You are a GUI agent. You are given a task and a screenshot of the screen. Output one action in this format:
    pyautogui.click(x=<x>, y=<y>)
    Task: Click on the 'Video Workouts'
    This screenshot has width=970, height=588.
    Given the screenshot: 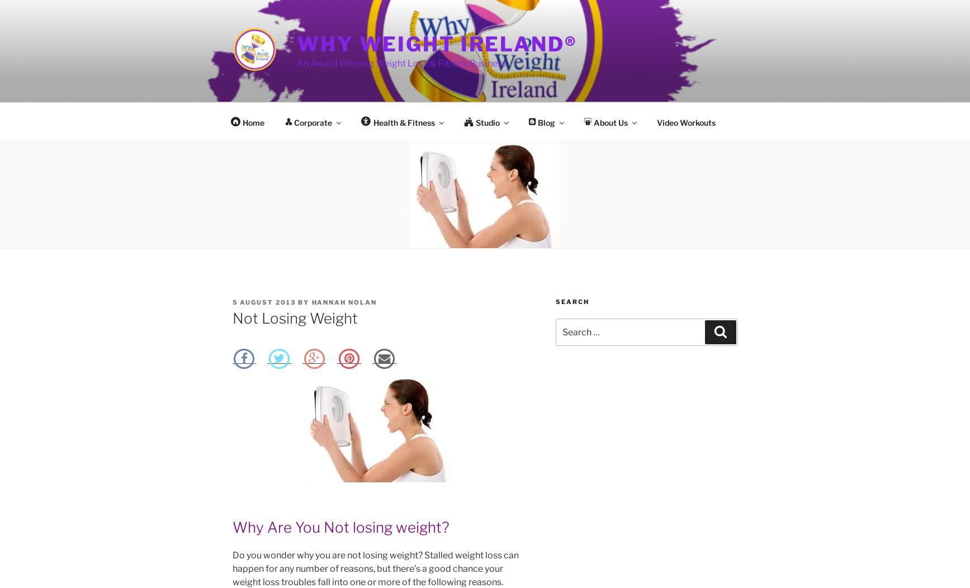 What is the action you would take?
    pyautogui.click(x=656, y=122)
    